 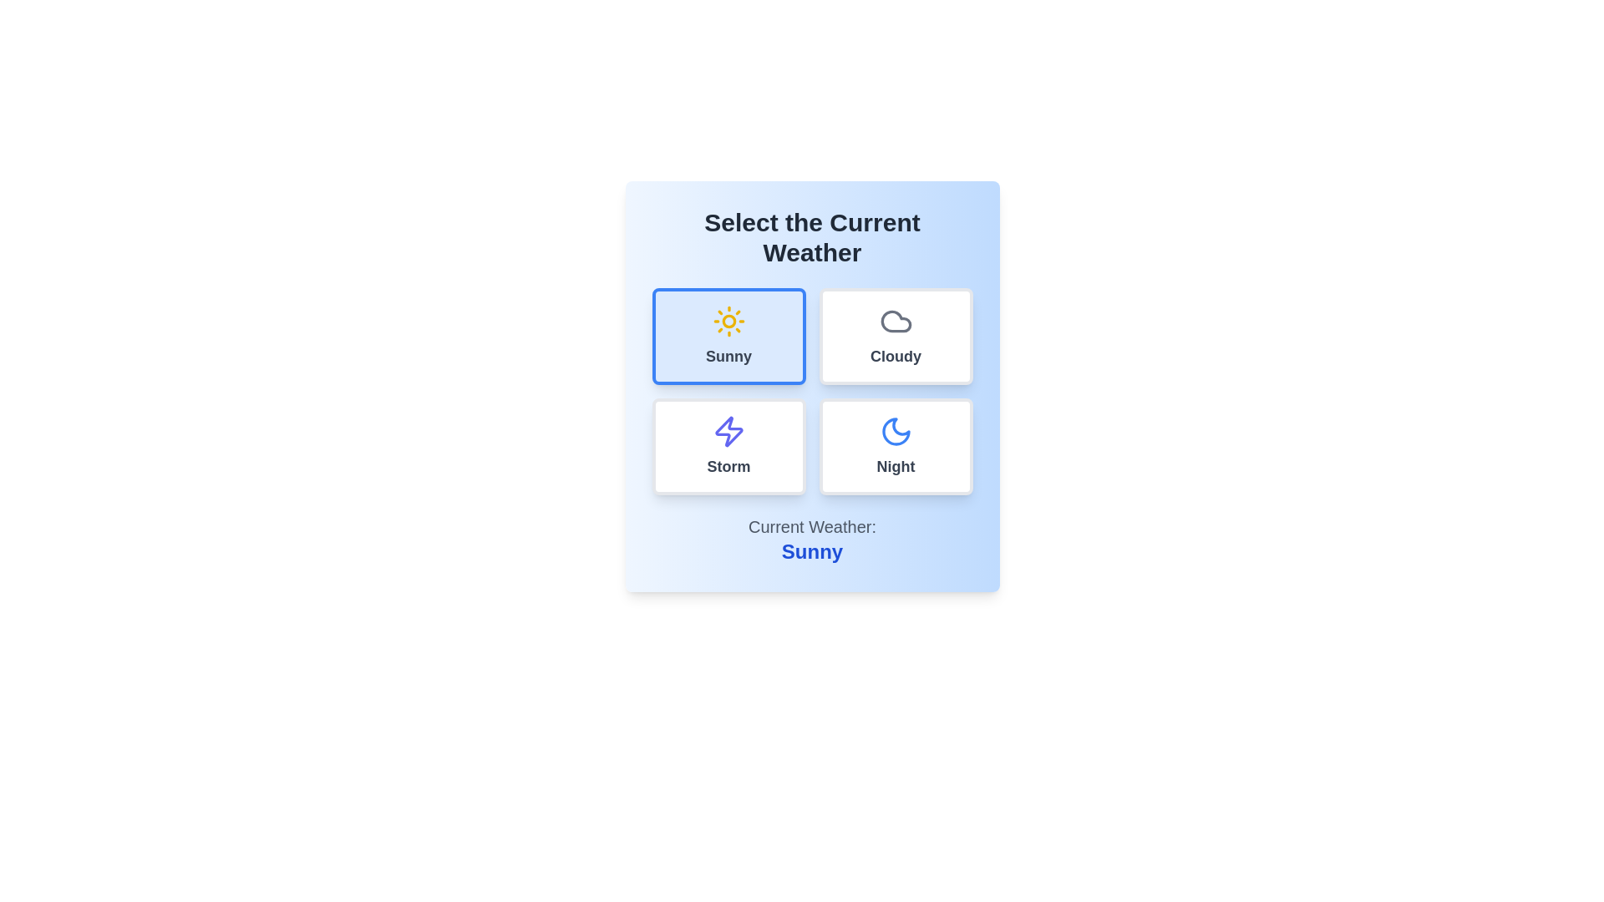 What do you see at coordinates (728, 336) in the screenshot?
I see `the weather option Sunny by clicking on the corresponding button` at bounding box center [728, 336].